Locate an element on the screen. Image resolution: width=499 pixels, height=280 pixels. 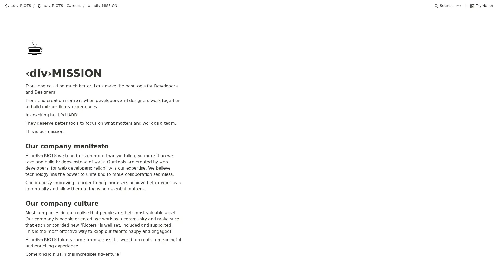
divRIOTS - Careers is located at coordinates (59, 6).